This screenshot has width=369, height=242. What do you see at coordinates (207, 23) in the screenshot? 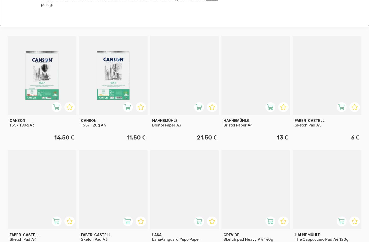
I see `'15.50 €'` at bounding box center [207, 23].